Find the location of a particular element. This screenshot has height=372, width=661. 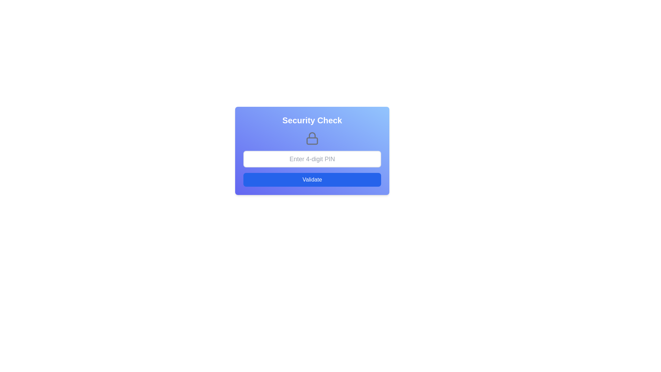

the button that initiates a validation action for the 'Enter 4-digit PIN' text input field, located at the bottom of the card-like component titled 'Security Check' is located at coordinates (312, 179).